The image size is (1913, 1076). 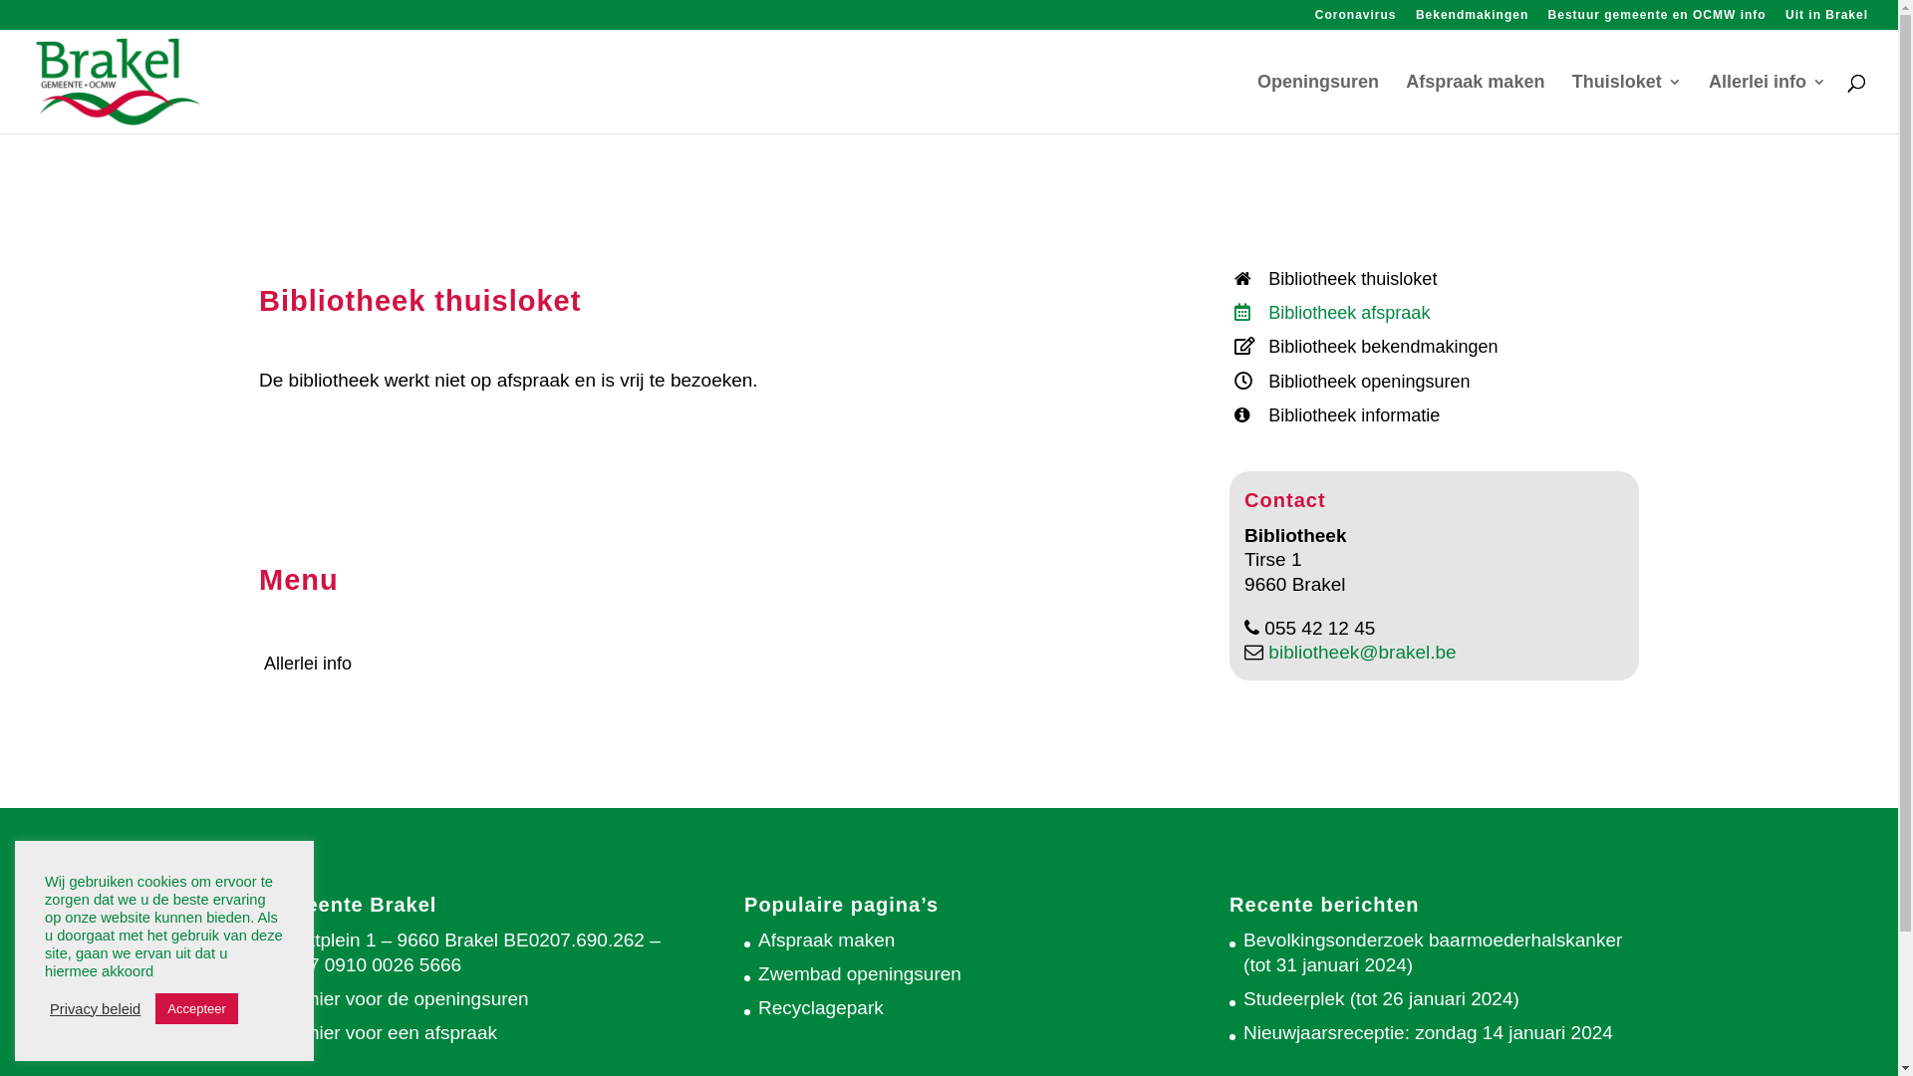 I want to click on 'bibliotheek@brakel.be', so click(x=1261, y=652).